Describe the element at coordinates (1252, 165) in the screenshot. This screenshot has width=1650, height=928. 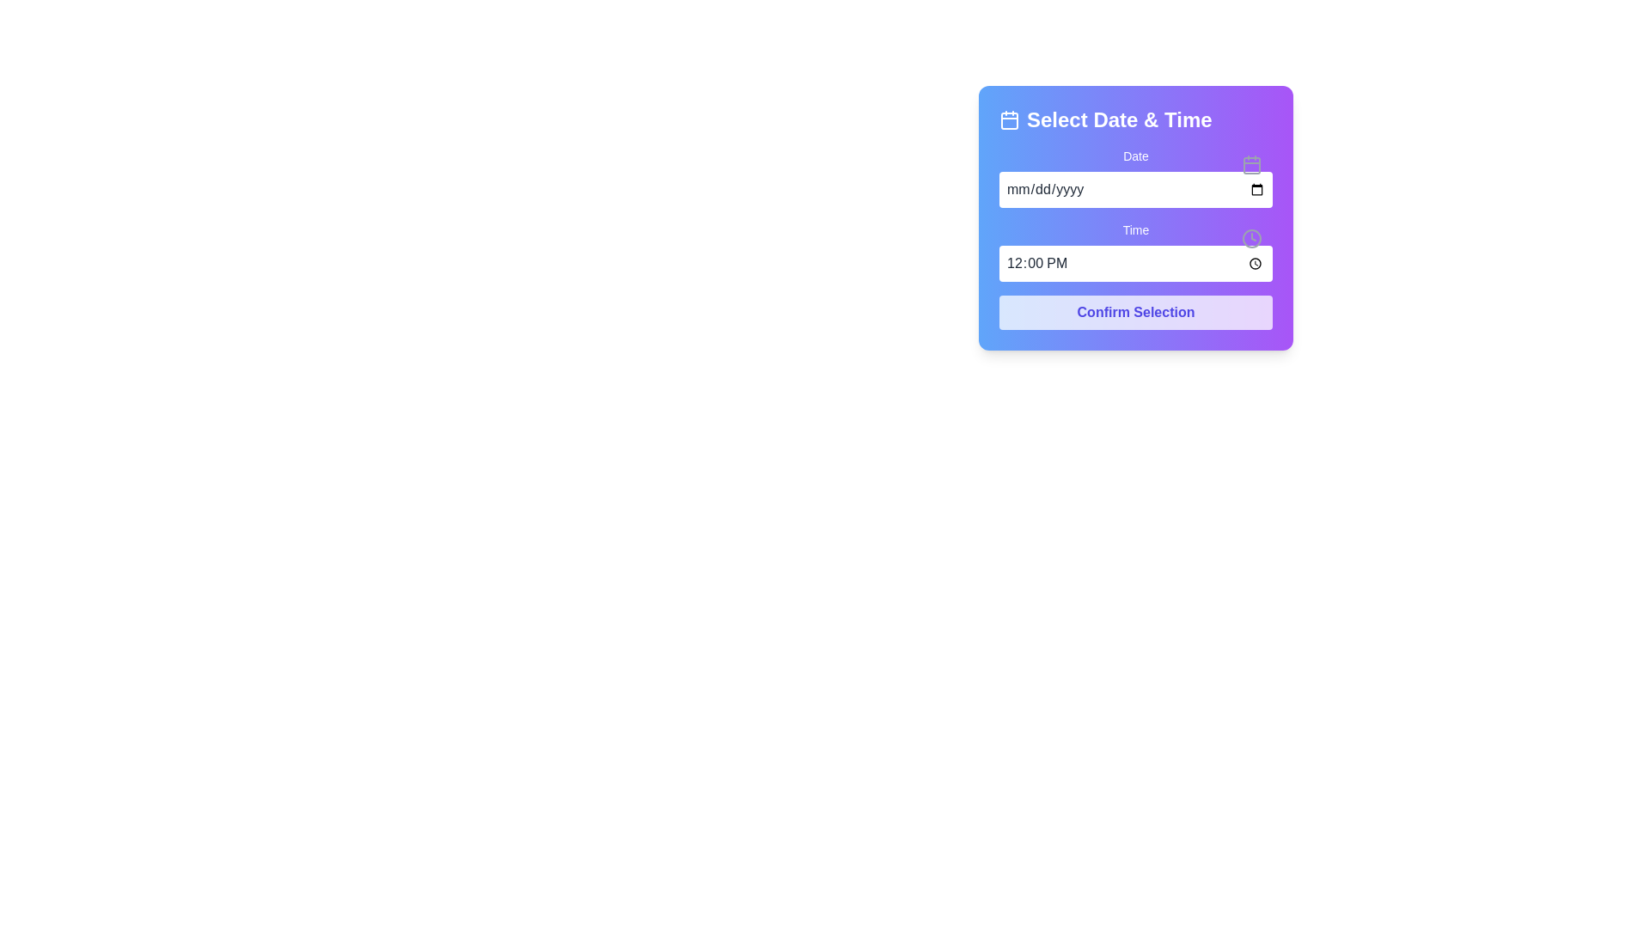
I see `the calendar SVG icon located on the far-right side of the 'Date' section` at that location.